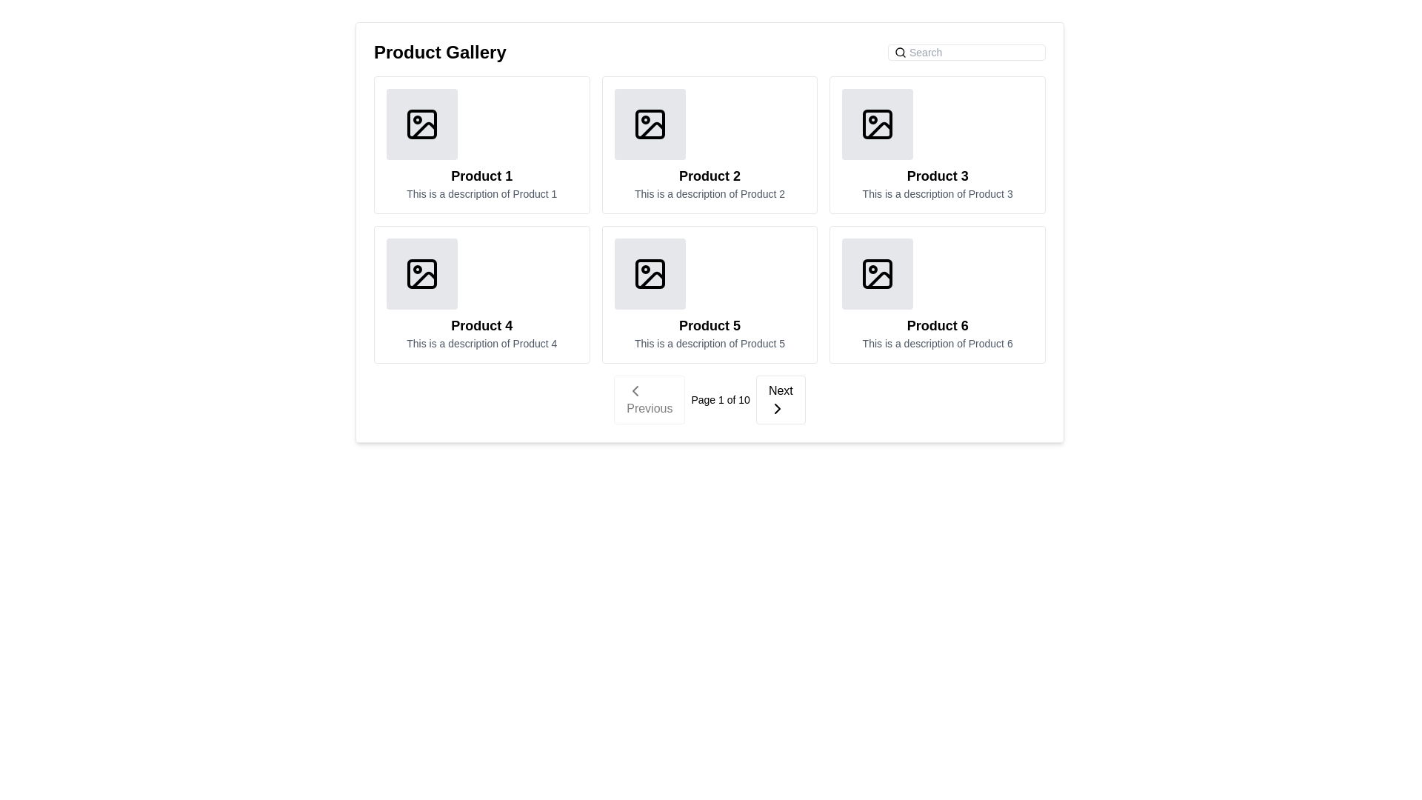 Image resolution: width=1422 pixels, height=800 pixels. What do you see at coordinates (650, 274) in the screenshot?
I see `the graphical icon component representing the image placeholder for 'Product 5' in the product gallery` at bounding box center [650, 274].